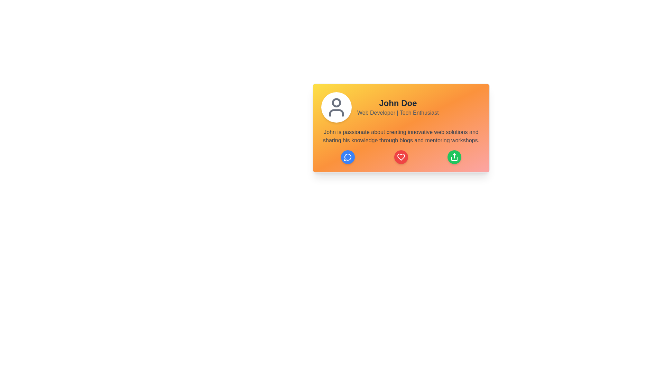 Image resolution: width=664 pixels, height=373 pixels. What do you see at coordinates (336, 107) in the screenshot?
I see `the circular user profile image icon, which has a white background and a shadow effect, located at the top-left corner of the card` at bounding box center [336, 107].